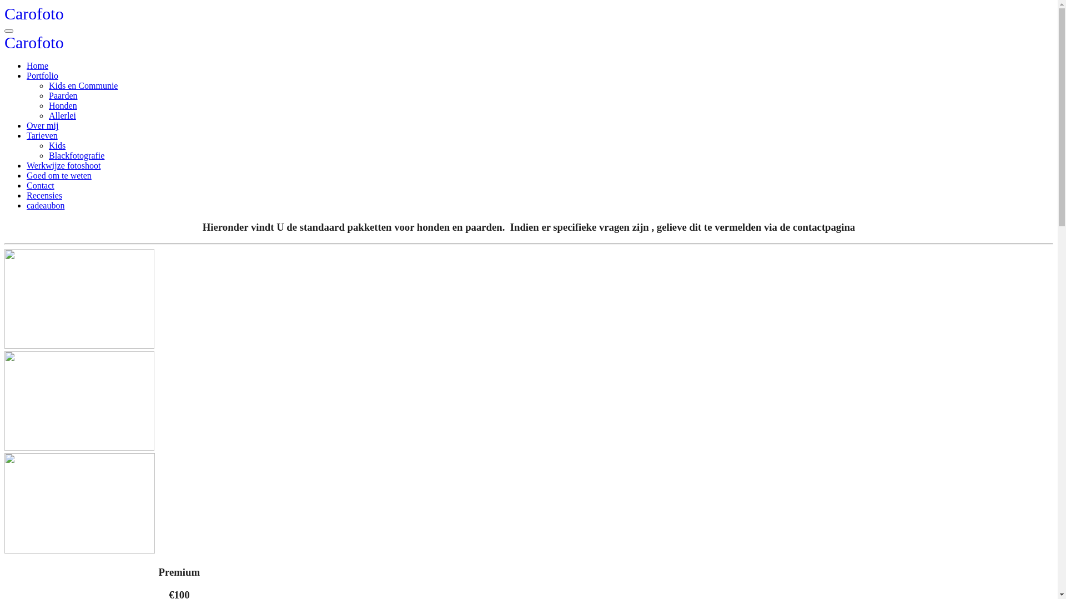 The width and height of the screenshot is (1066, 599). I want to click on 'Recensies', so click(44, 195).